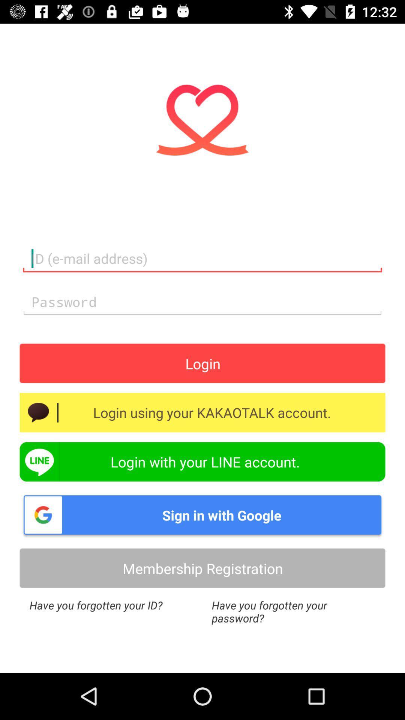 Image resolution: width=405 pixels, height=720 pixels. Describe the element at coordinates (202, 259) in the screenshot. I see `the text field of email address` at that location.